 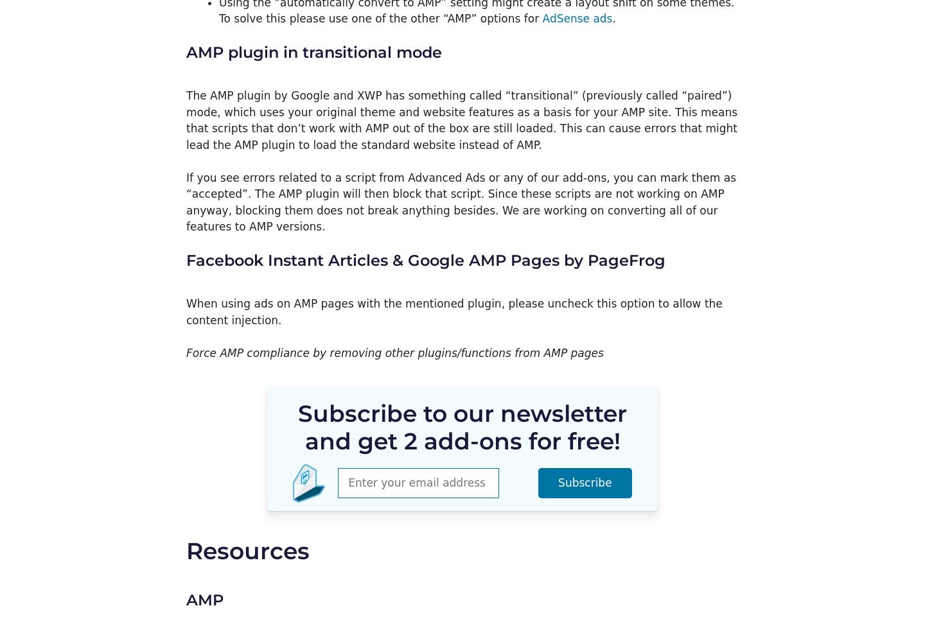 What do you see at coordinates (247, 550) in the screenshot?
I see `'Resources'` at bounding box center [247, 550].